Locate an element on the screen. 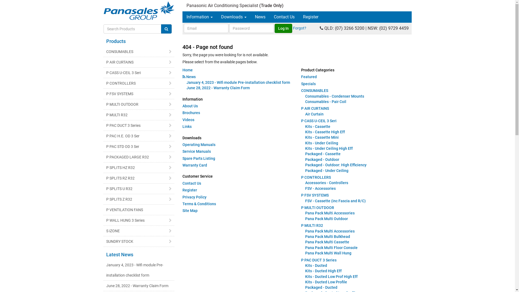 The height and width of the screenshot is (292, 519). 'FSV - Accessories' is located at coordinates (320, 188).